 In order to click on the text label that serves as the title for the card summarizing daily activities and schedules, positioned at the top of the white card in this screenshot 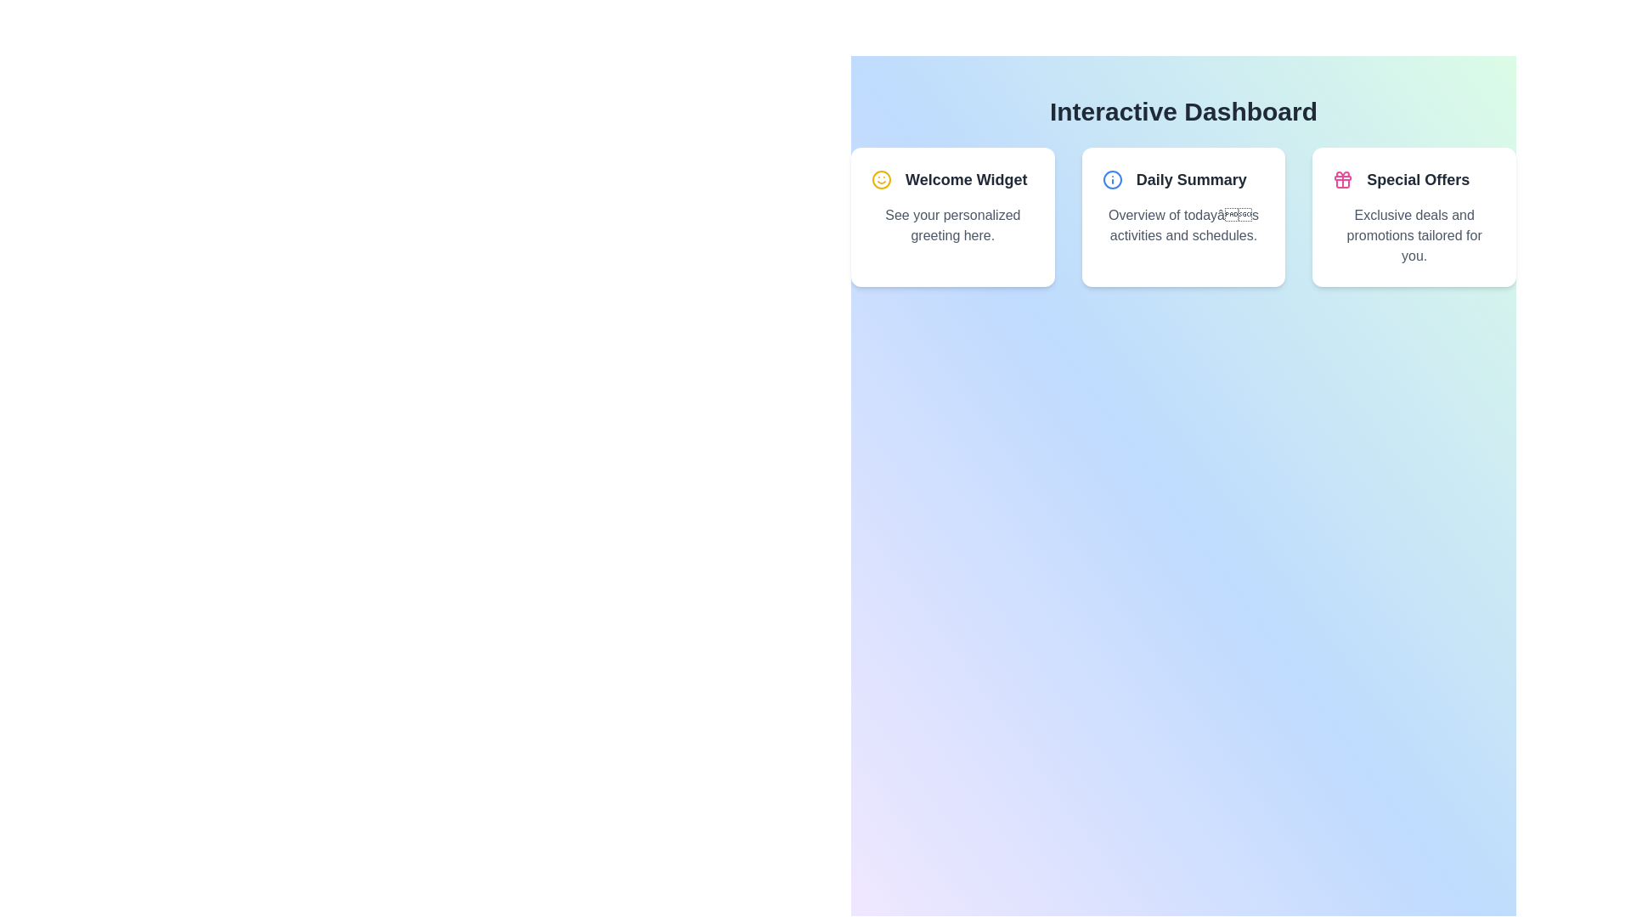, I will do `click(1182, 180)`.